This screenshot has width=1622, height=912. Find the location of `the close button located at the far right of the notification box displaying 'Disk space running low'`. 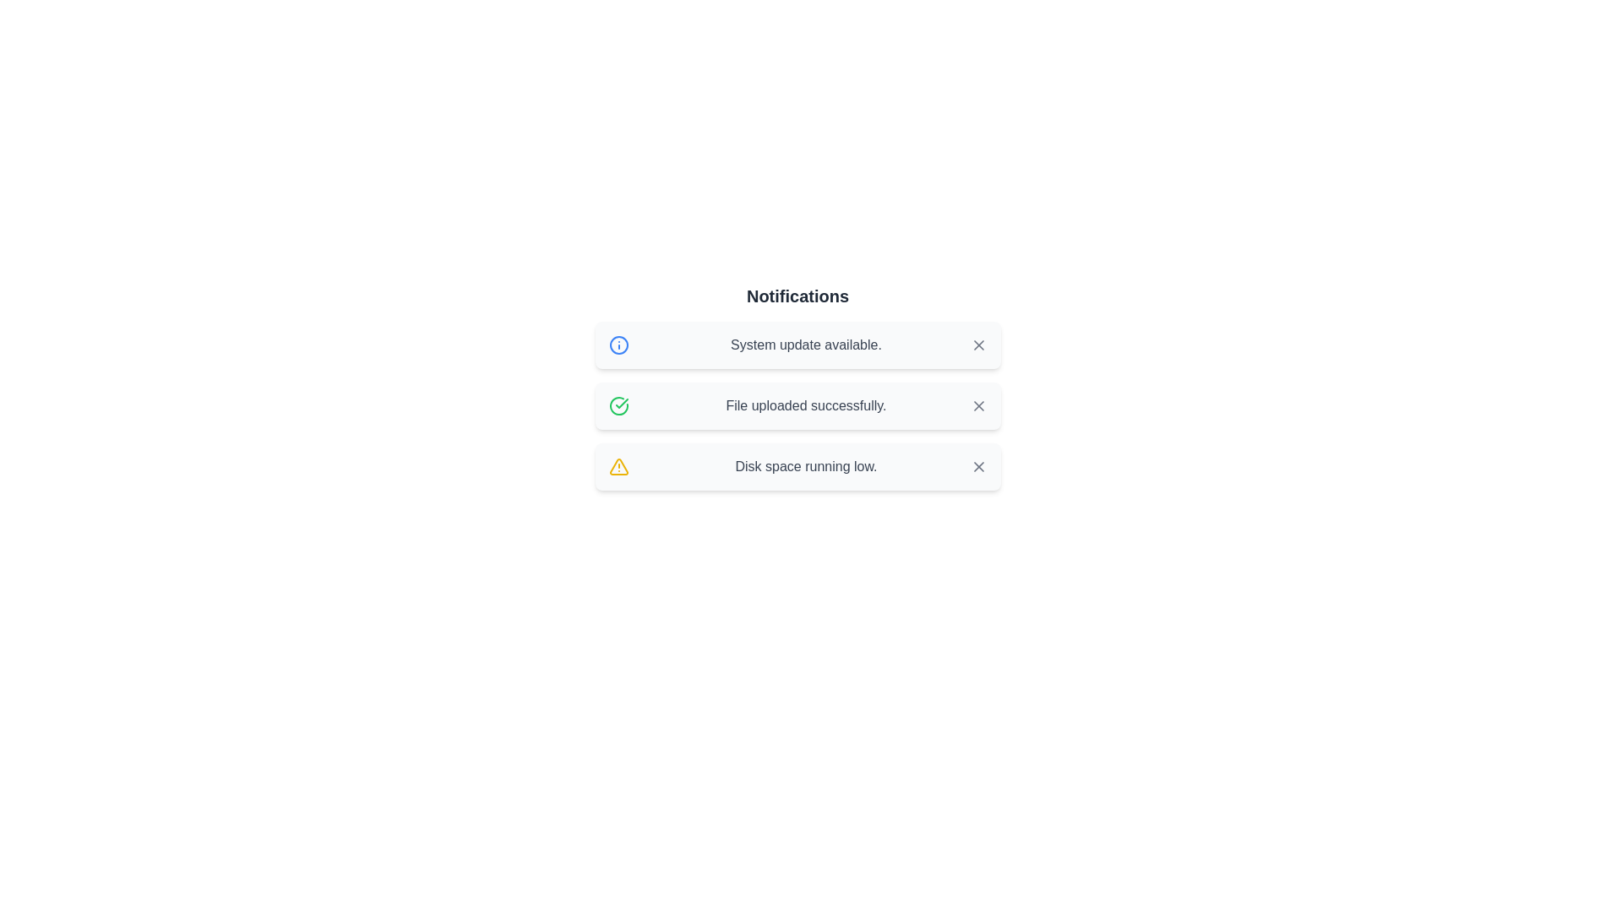

the close button located at the far right of the notification box displaying 'Disk space running low' is located at coordinates (978, 466).